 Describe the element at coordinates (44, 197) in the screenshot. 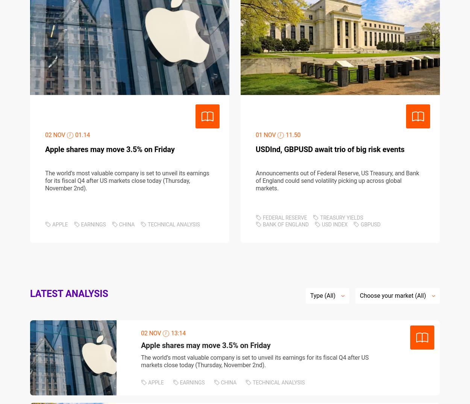

I see `'POLICIES'` at that location.